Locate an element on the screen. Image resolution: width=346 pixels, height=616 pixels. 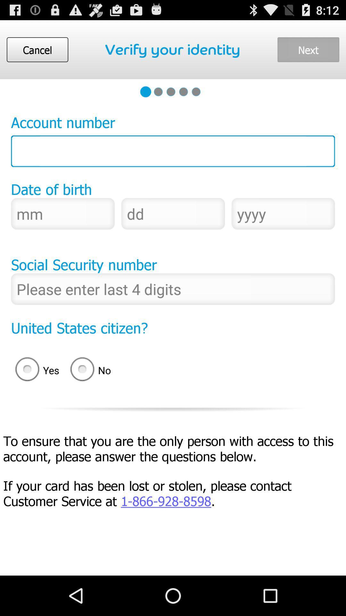
the item to the right of yes icon is located at coordinates (93, 370).